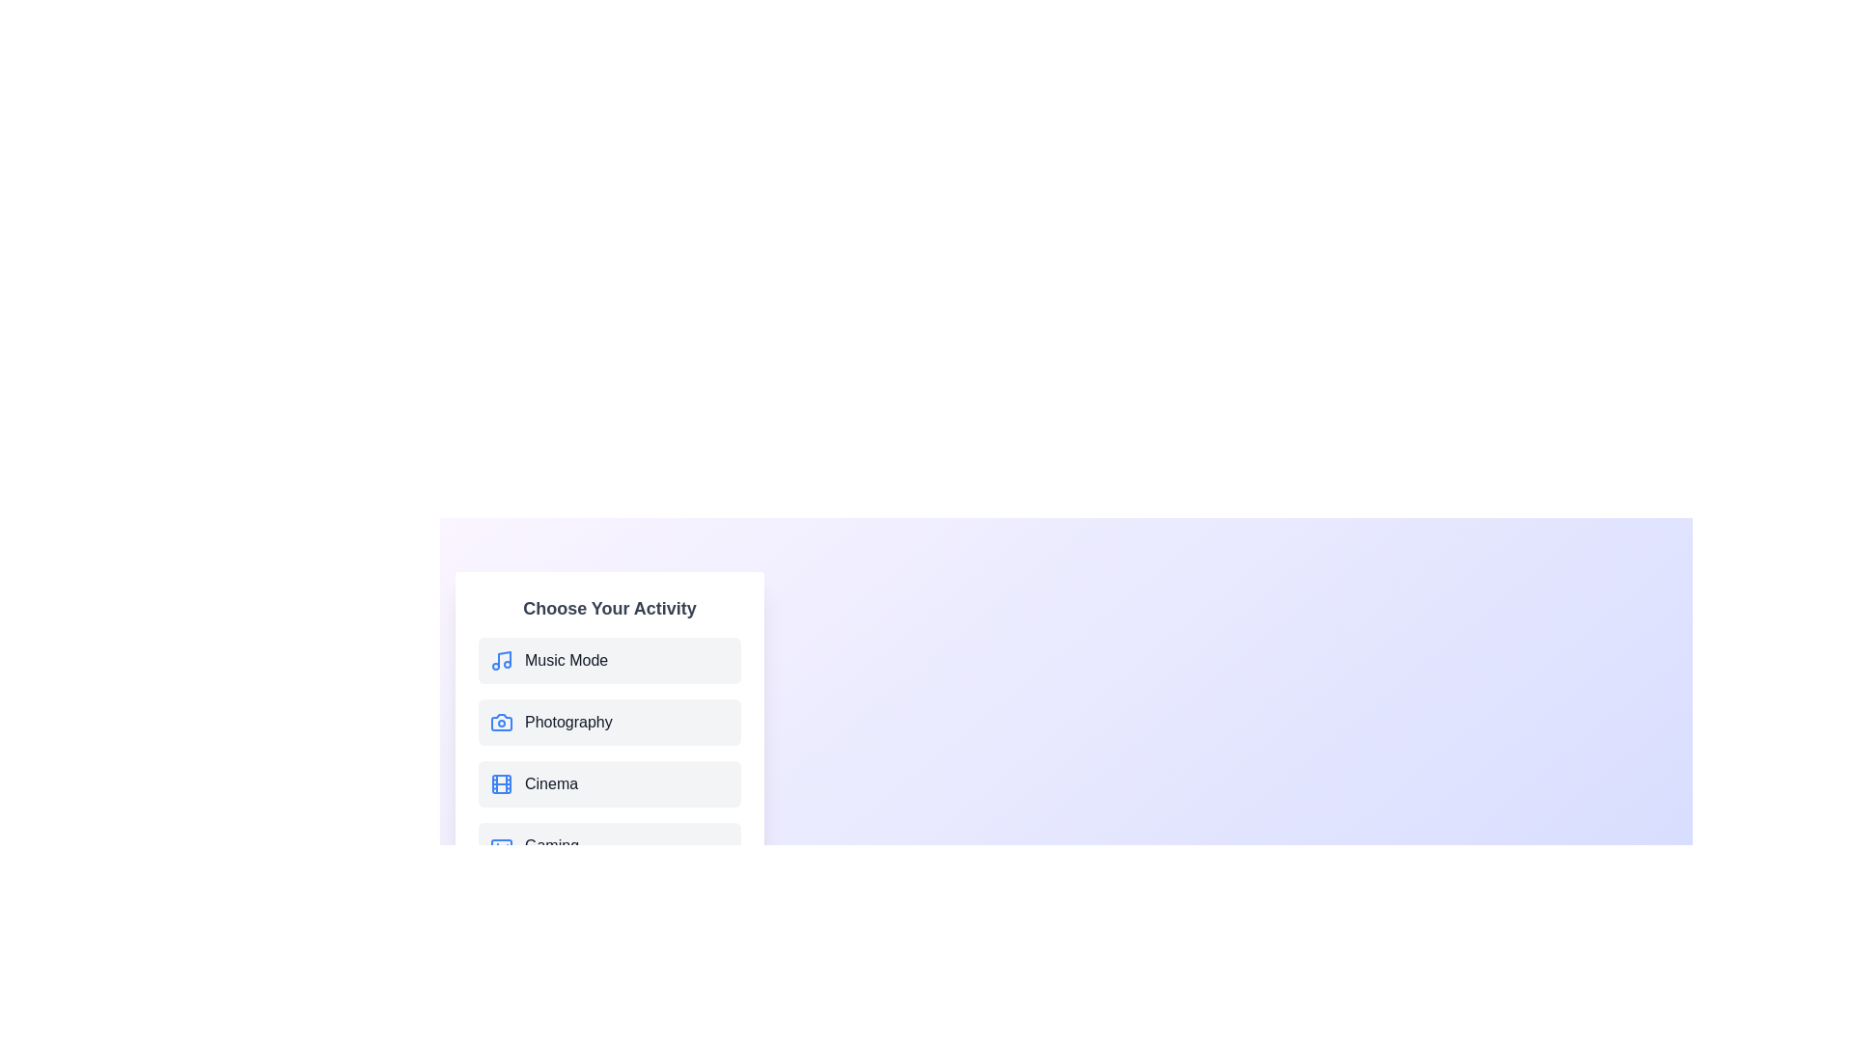  Describe the element at coordinates (1065, 1037) in the screenshot. I see `the toggle button to toggle the visibility of the Interactive Media Menu` at that location.